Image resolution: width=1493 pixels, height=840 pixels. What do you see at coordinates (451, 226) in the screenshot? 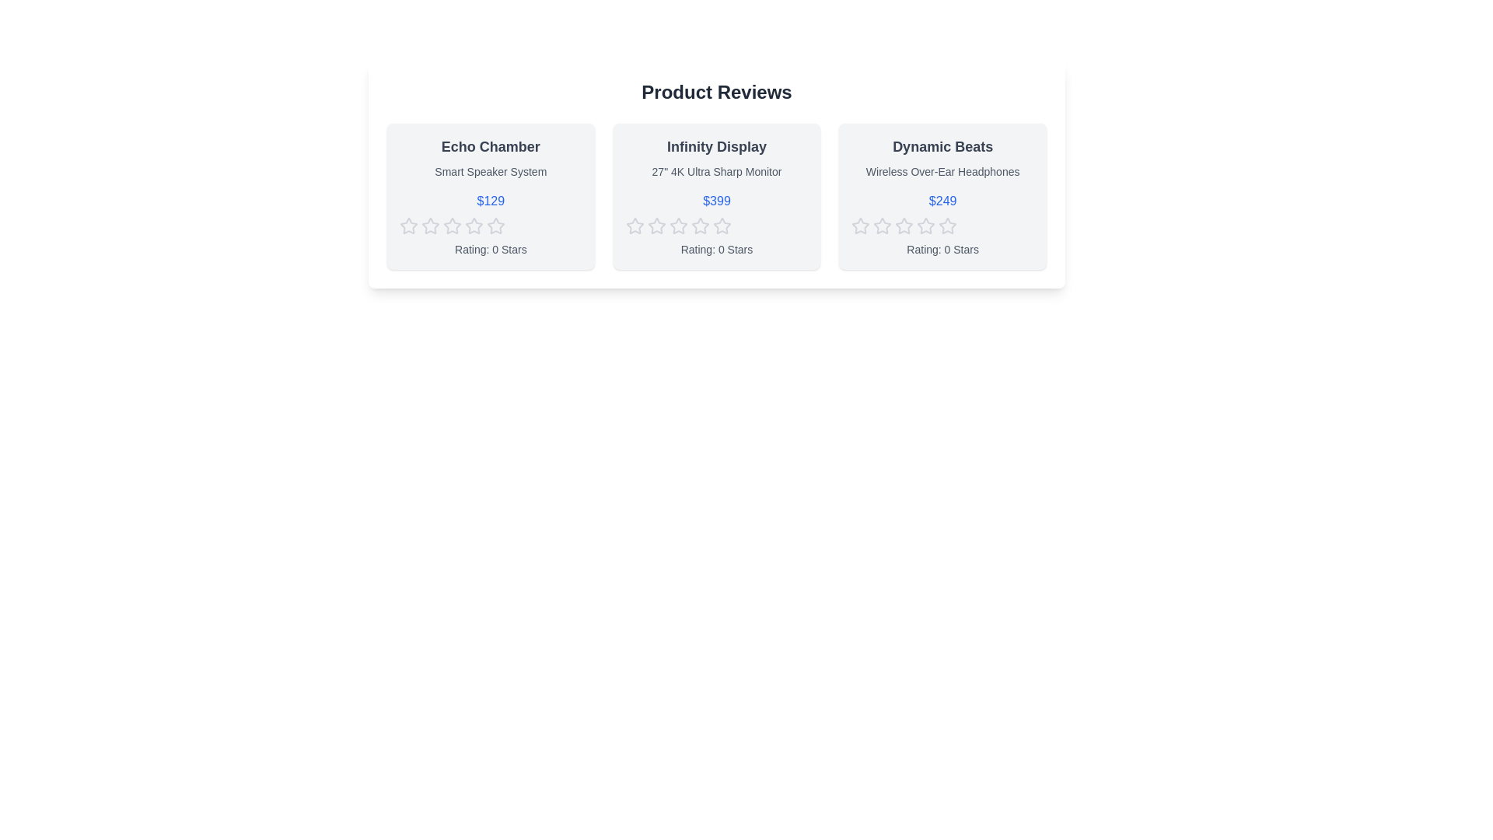
I see `the second star in the 5-star rating system on the 'Echo Chamber' product card to set a rating of 2 stars` at bounding box center [451, 226].